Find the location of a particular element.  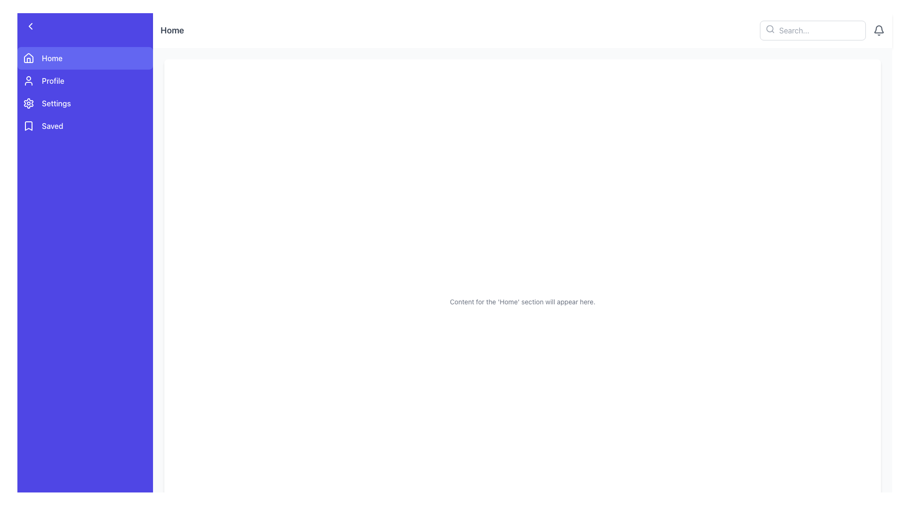

the 'Home' icon in the navigation sidebar, which is depicted as a house outline with a triangular roof and a door, rendered in white against a blue background is located at coordinates (29, 58).